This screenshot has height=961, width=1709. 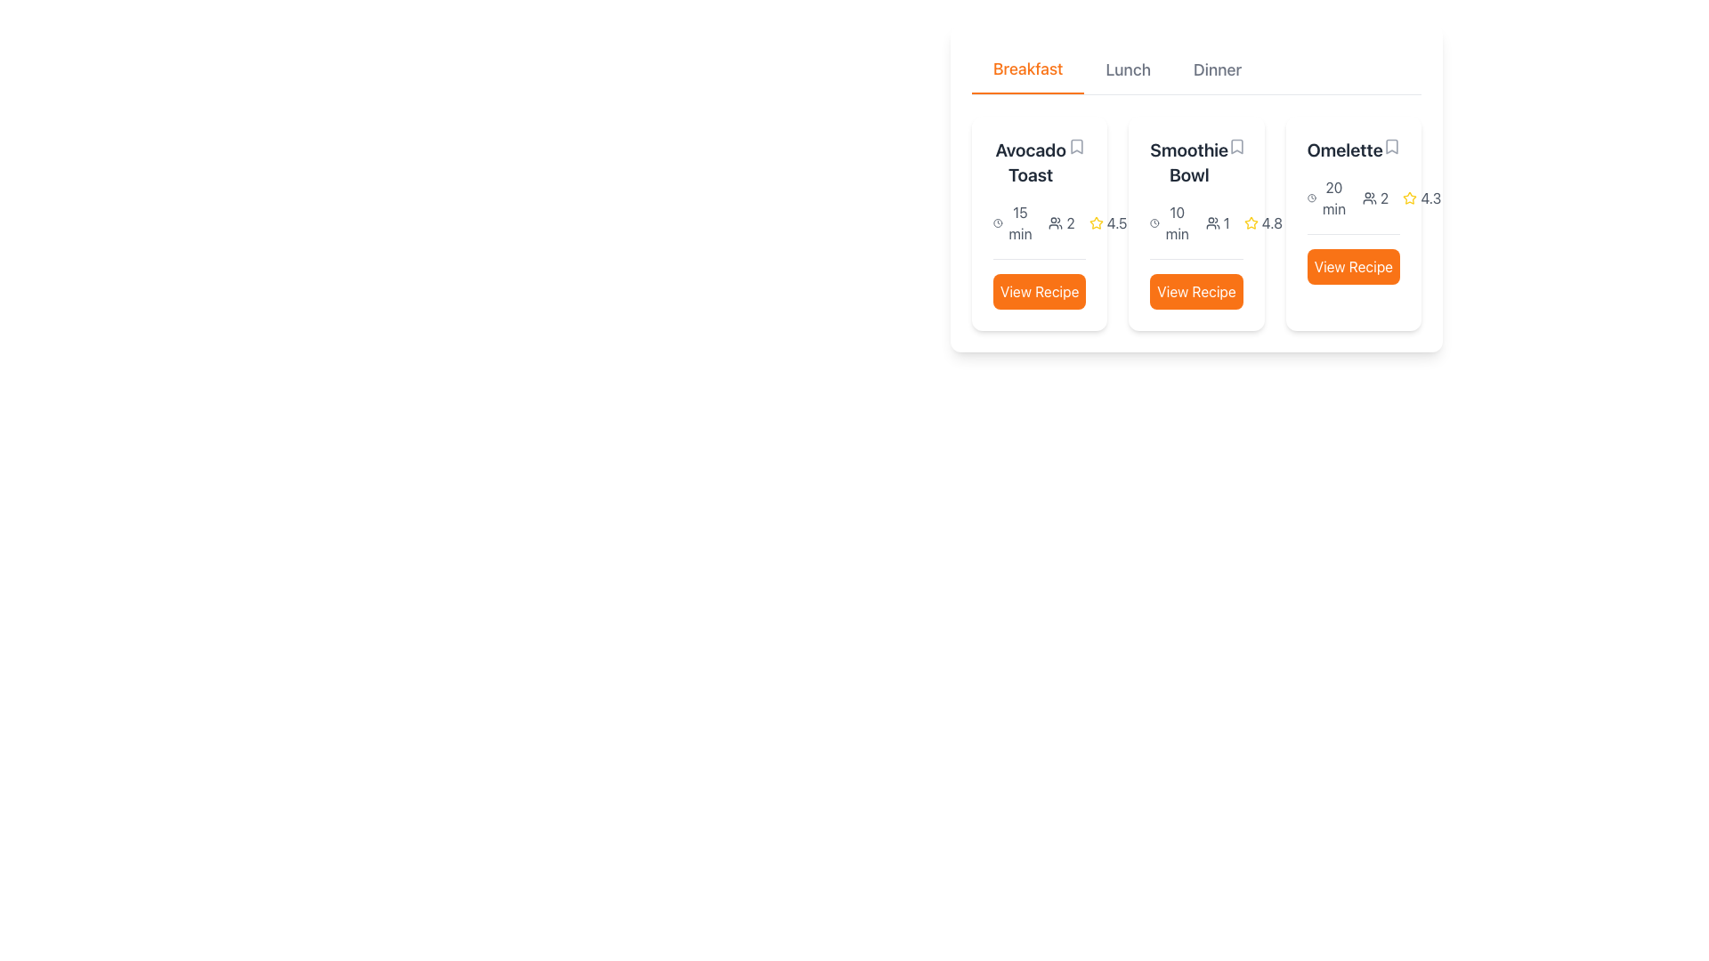 I want to click on the yellow star icon, which indicates a rating or favorite status, located within the second card (Smoothie Bowl) under the Breakfast section, positioned to the right of the user count indicator and directly to the left of the numeric rating (4.5), so click(x=1095, y=222).